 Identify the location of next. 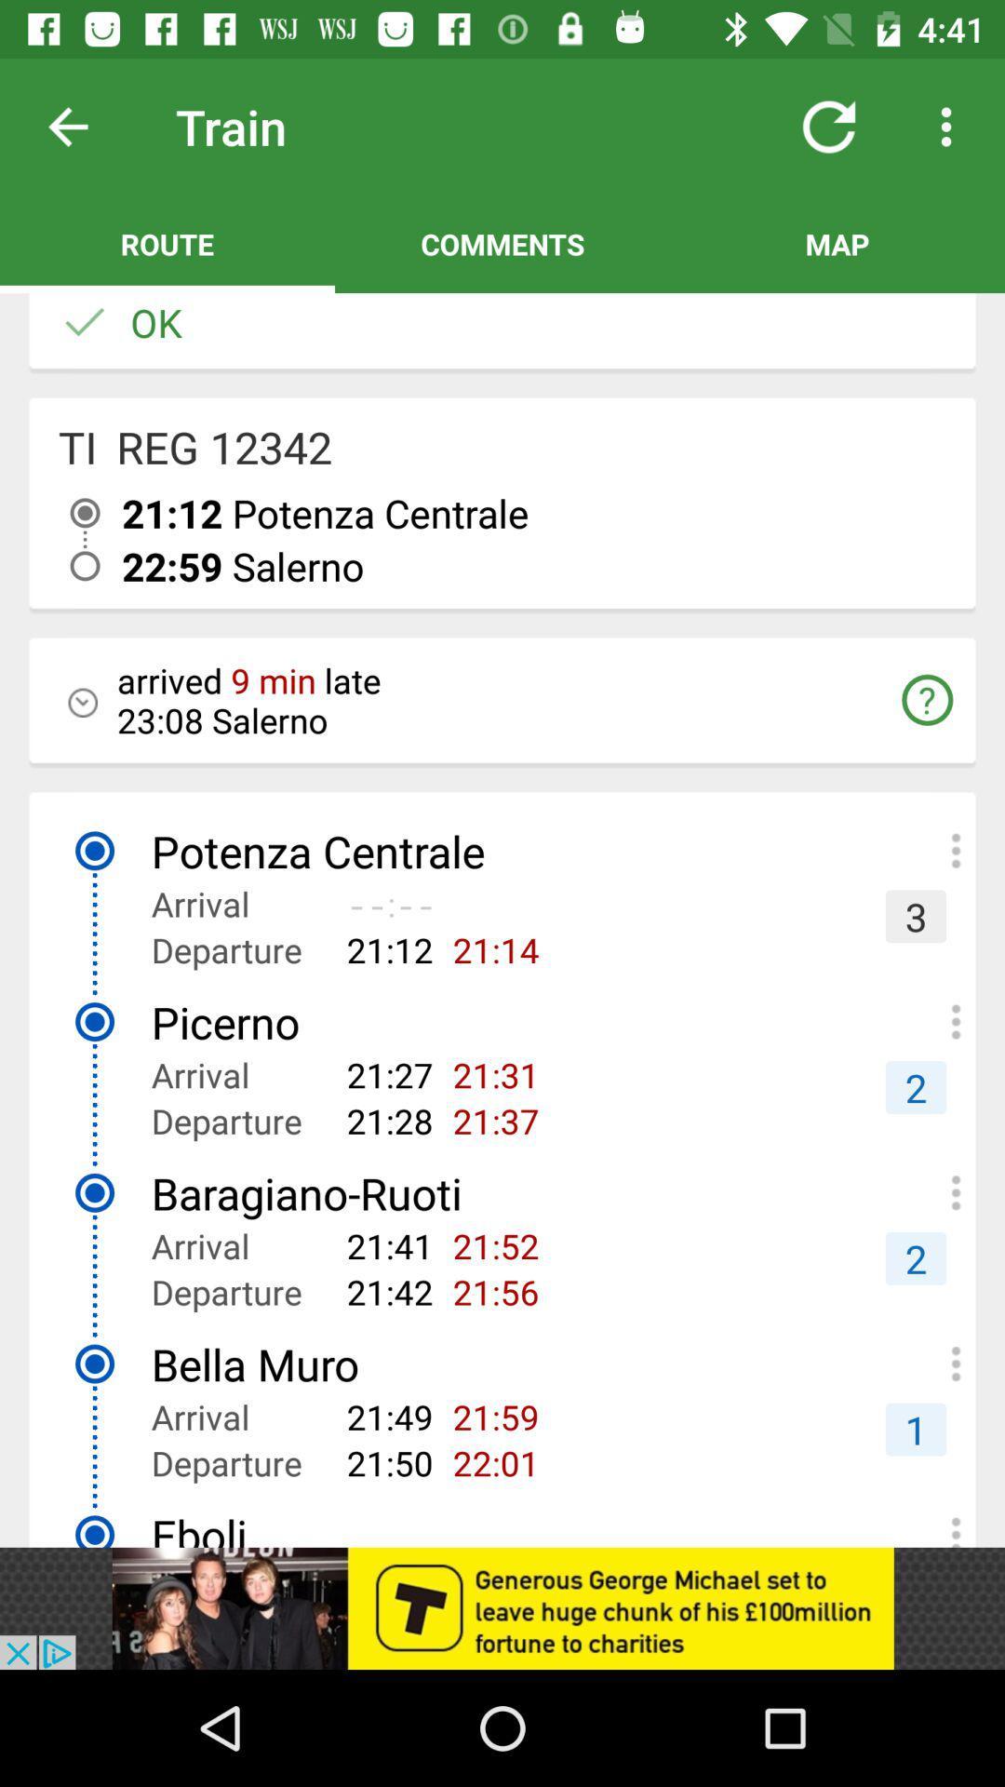
(82, 126).